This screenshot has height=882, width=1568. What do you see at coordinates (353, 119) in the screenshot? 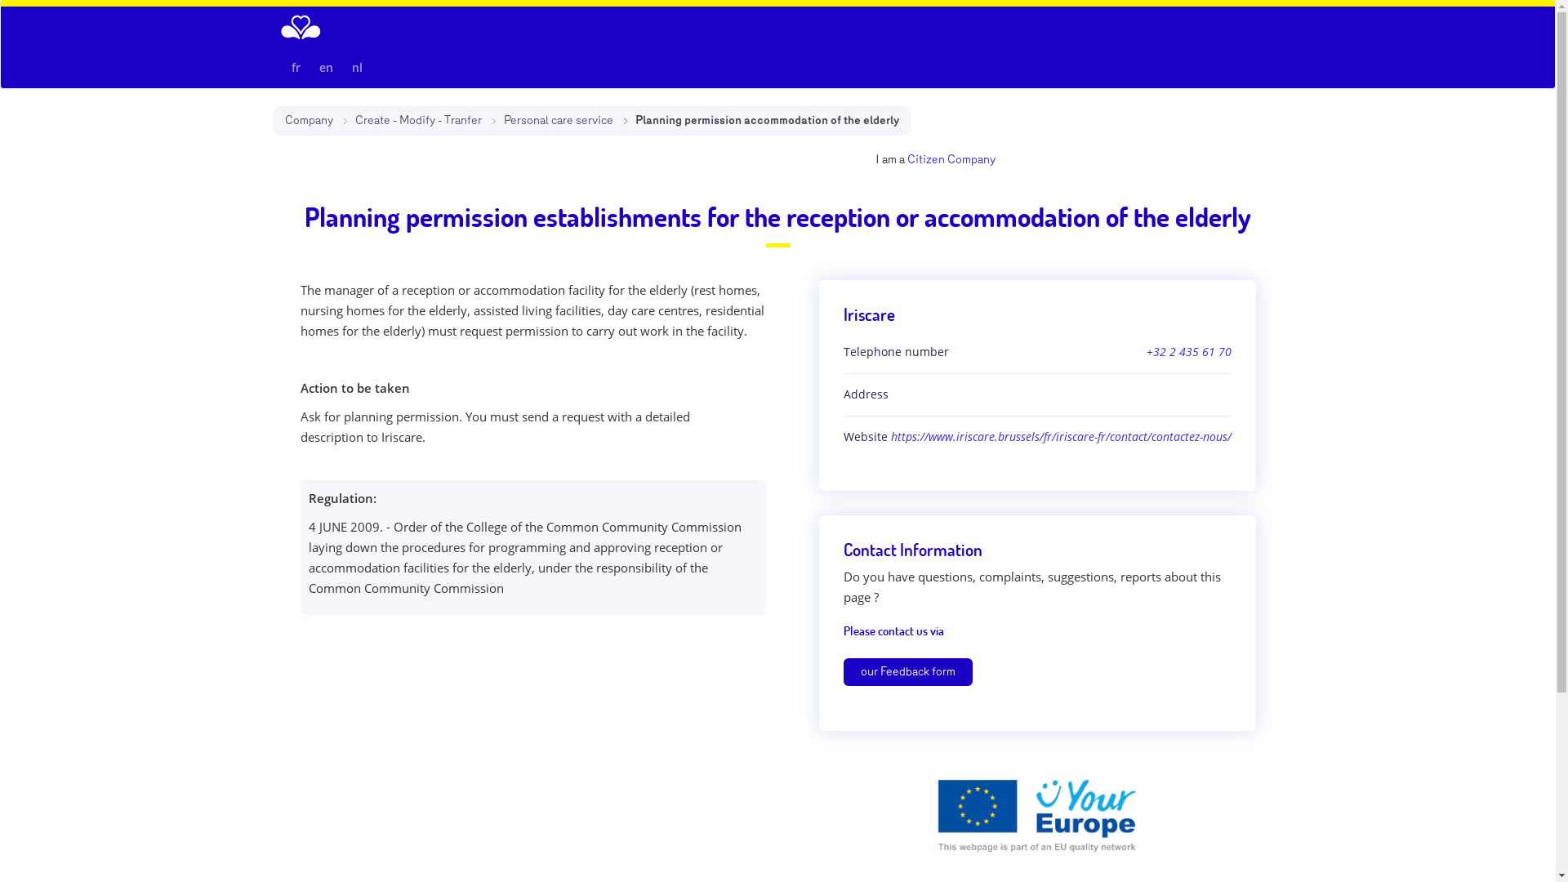
I see `'Create - Modify - Tranfer'` at bounding box center [353, 119].